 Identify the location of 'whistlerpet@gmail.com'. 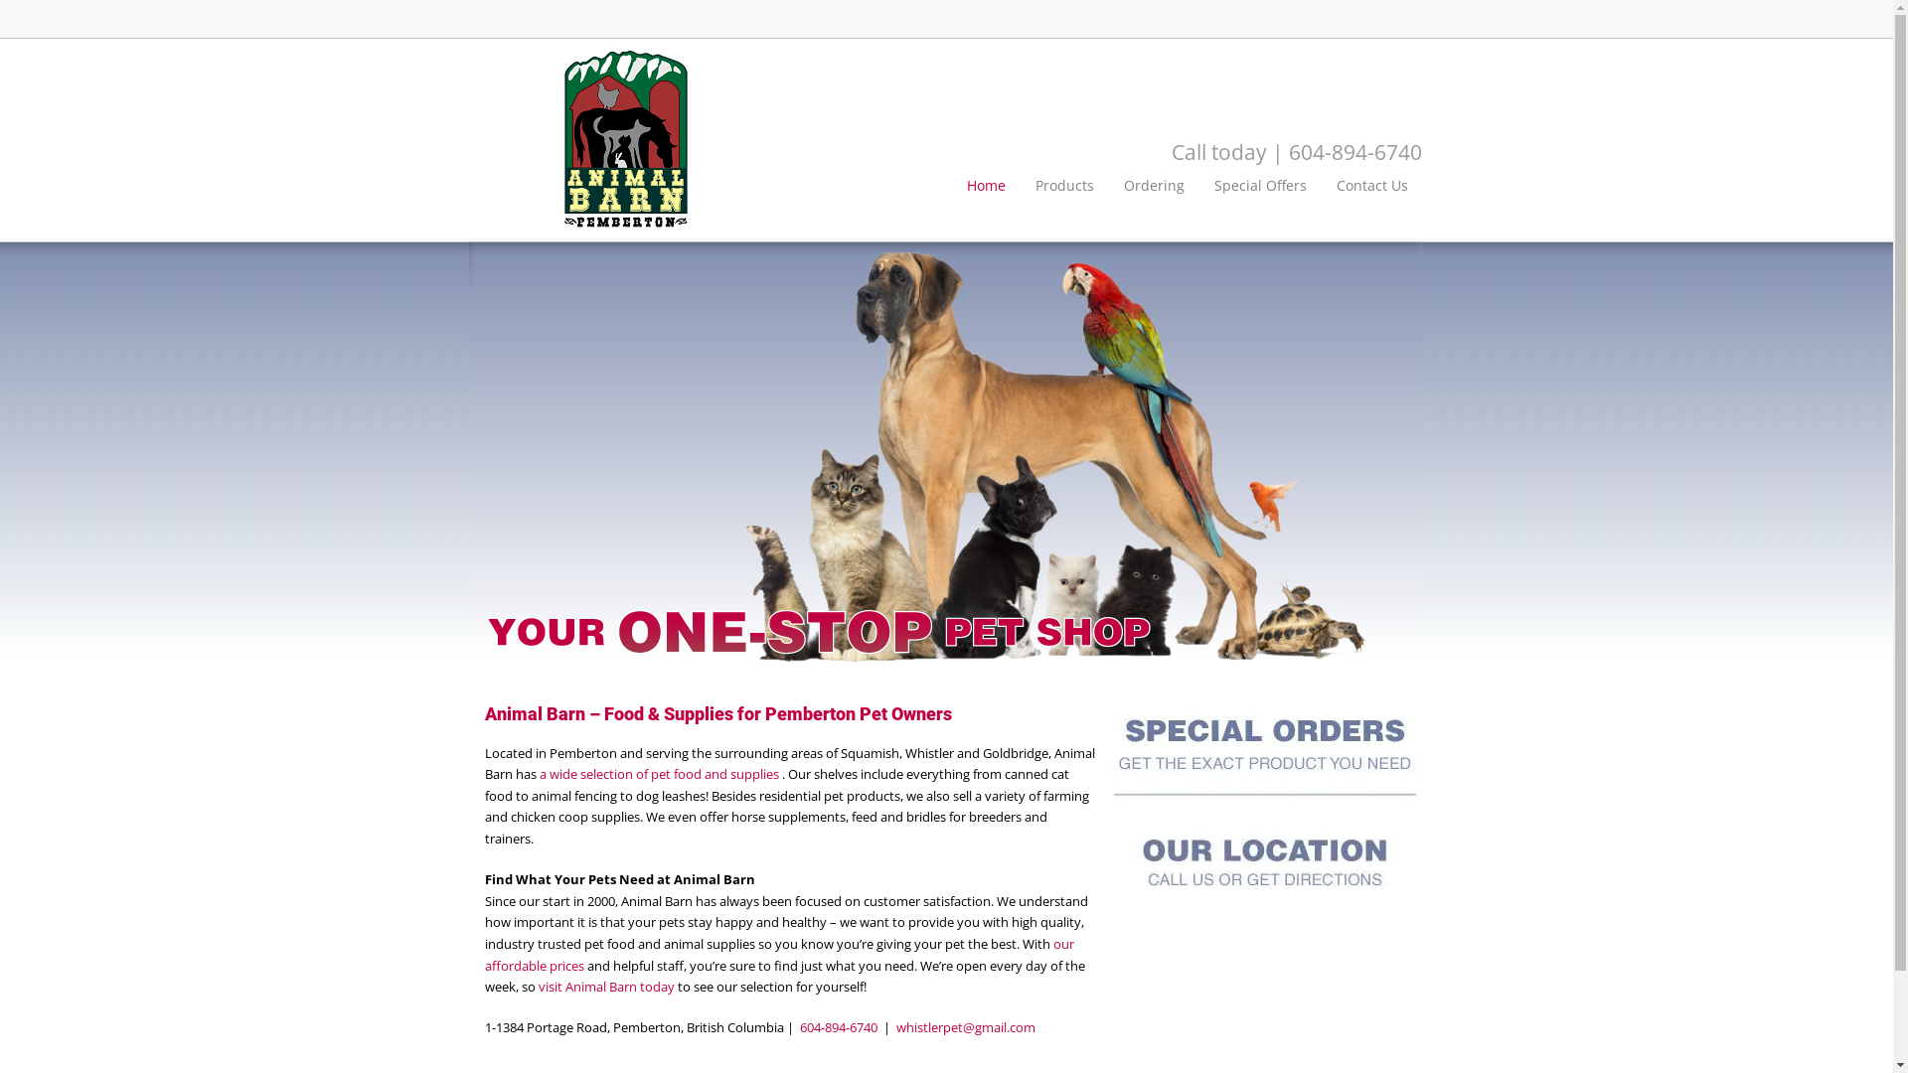
(965, 1026).